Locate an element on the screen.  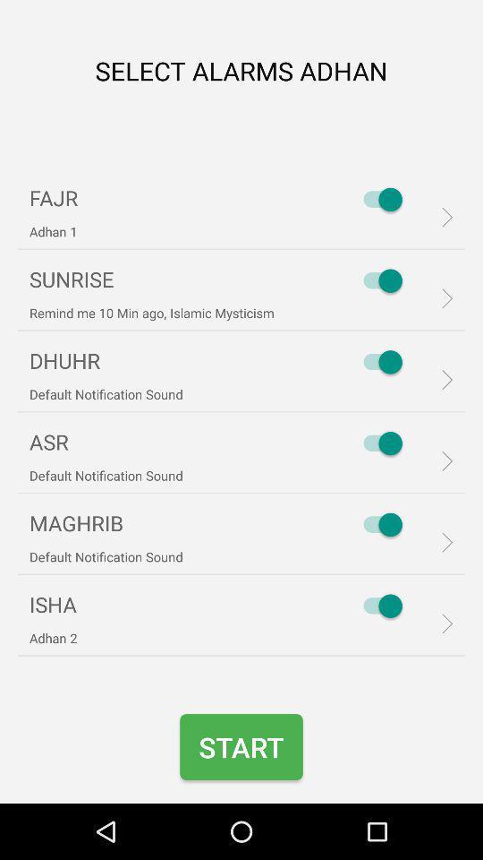
start is located at coordinates (241, 747).